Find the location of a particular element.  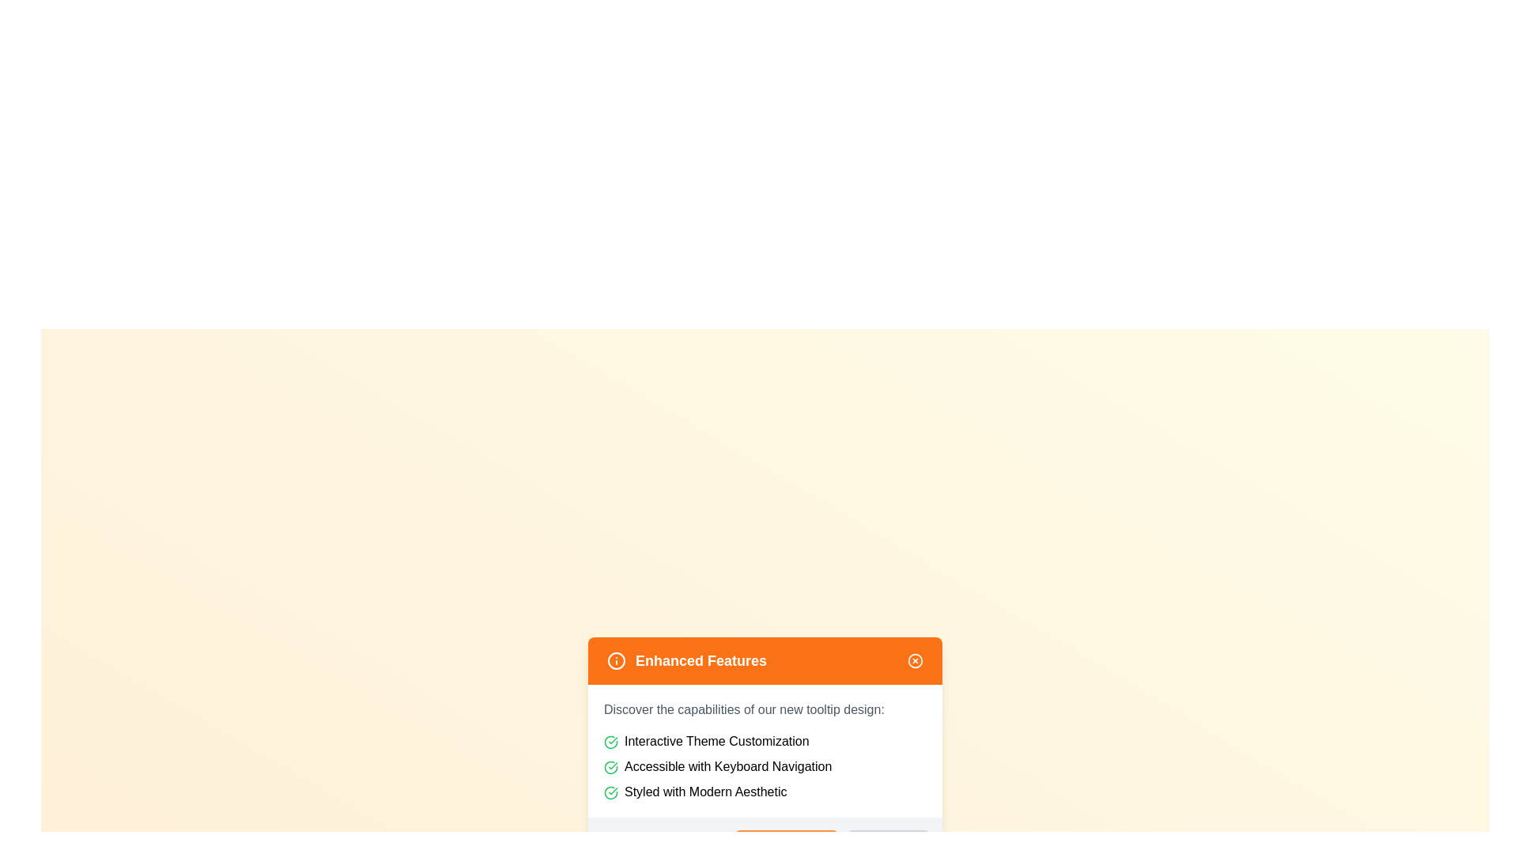

the second item in the vertical list of three items, which contains a green checkmark icon and the text 'Accessible with Keyboard Navigation' is located at coordinates (765, 765).